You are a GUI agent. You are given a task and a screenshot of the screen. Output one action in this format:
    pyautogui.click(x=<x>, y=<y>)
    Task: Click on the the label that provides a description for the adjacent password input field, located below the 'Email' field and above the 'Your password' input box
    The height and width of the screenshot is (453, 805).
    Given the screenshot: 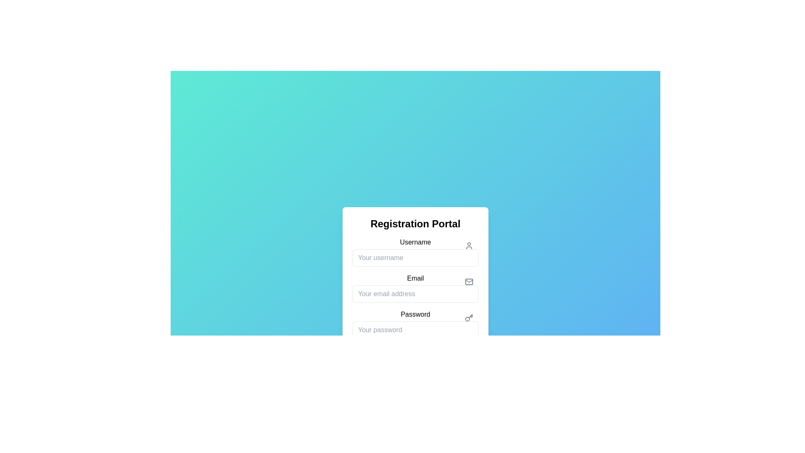 What is the action you would take?
    pyautogui.click(x=415, y=314)
    